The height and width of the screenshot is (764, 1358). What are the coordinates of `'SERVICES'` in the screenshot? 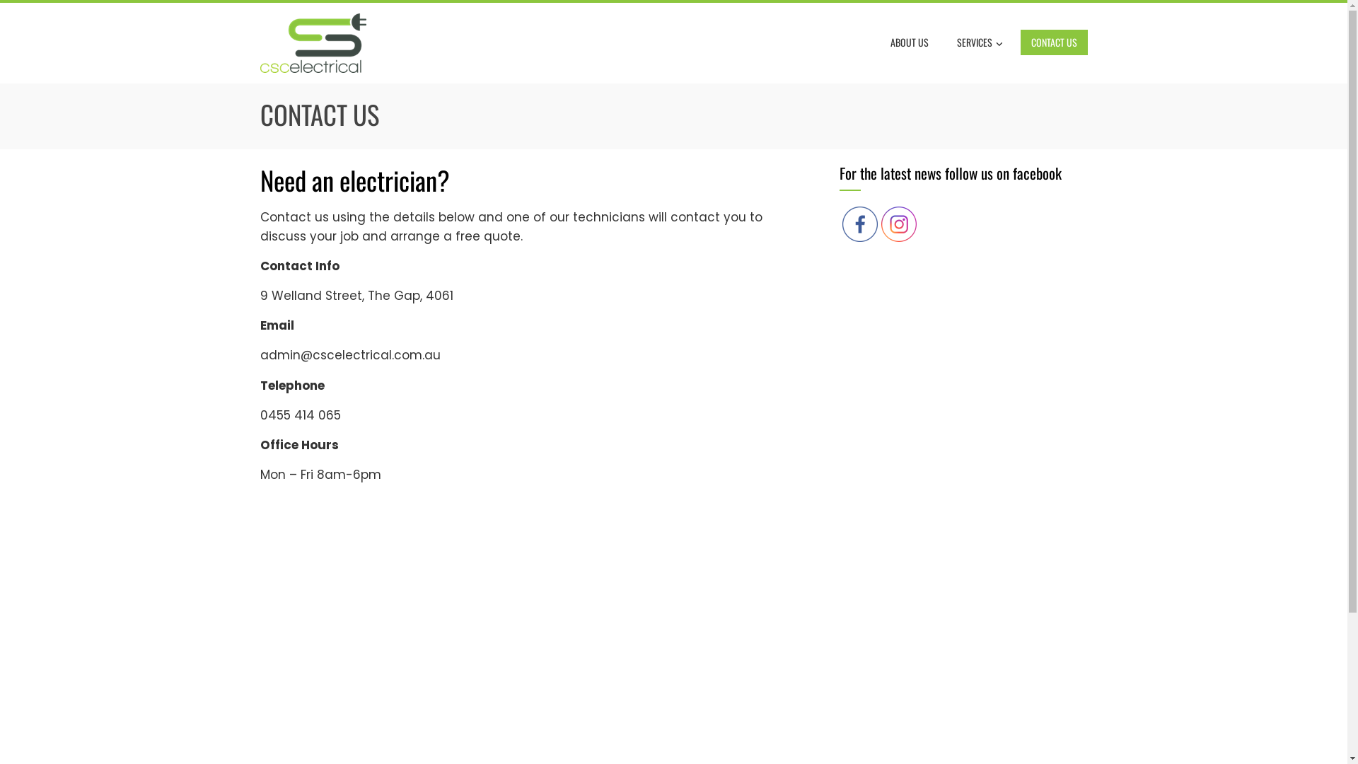 It's located at (979, 42).